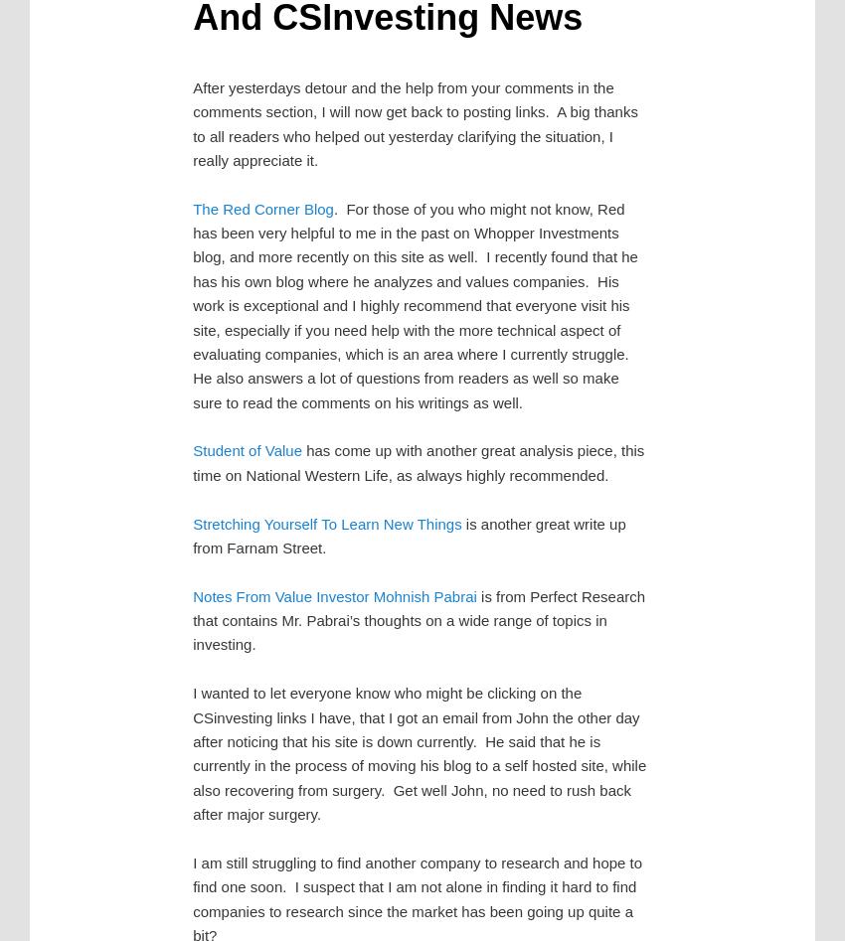 This screenshot has height=941, width=845. What do you see at coordinates (415, 304) in the screenshot?
I see `'.  For those of you who might not know, Red has been very helpful to me in the past on Whopper Investments blog, and more recently on this site as well.  I recently found that he has his own blog where he analyzes and values companies.  His work is exceptional and I highly recommend that everyone visit his site, especially if you need help with the more technical aspect of evaluating companies, which is an area where I currently struggle.  He also answers a lot of questions from readers as well so make sure to read the comments on his writings as well.'` at bounding box center [415, 304].